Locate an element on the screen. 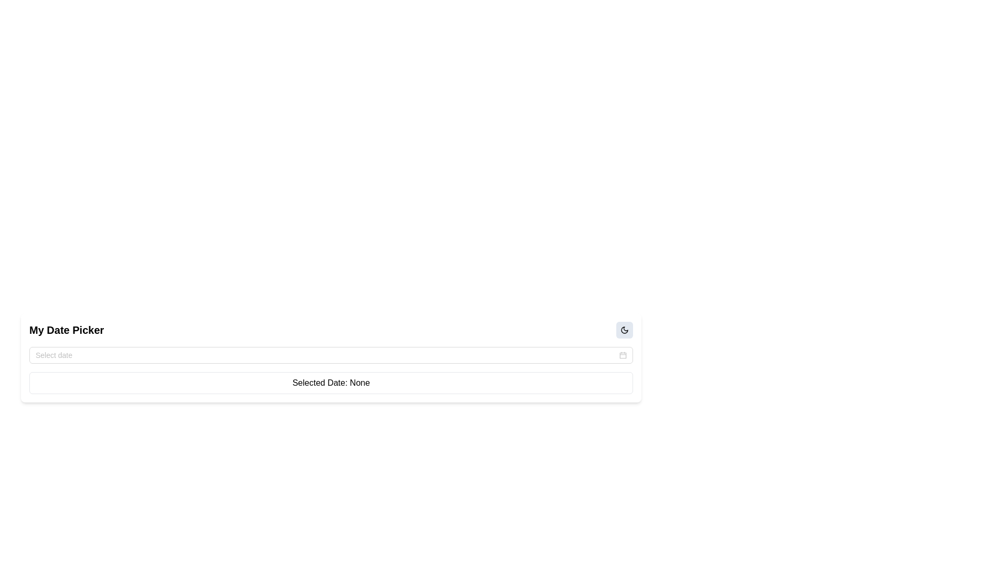 Image resolution: width=1007 pixels, height=566 pixels. the moon-shaped icon that indicates dark mode functionality, located in the top-right corner of the application's main content area is located at coordinates (624, 329).